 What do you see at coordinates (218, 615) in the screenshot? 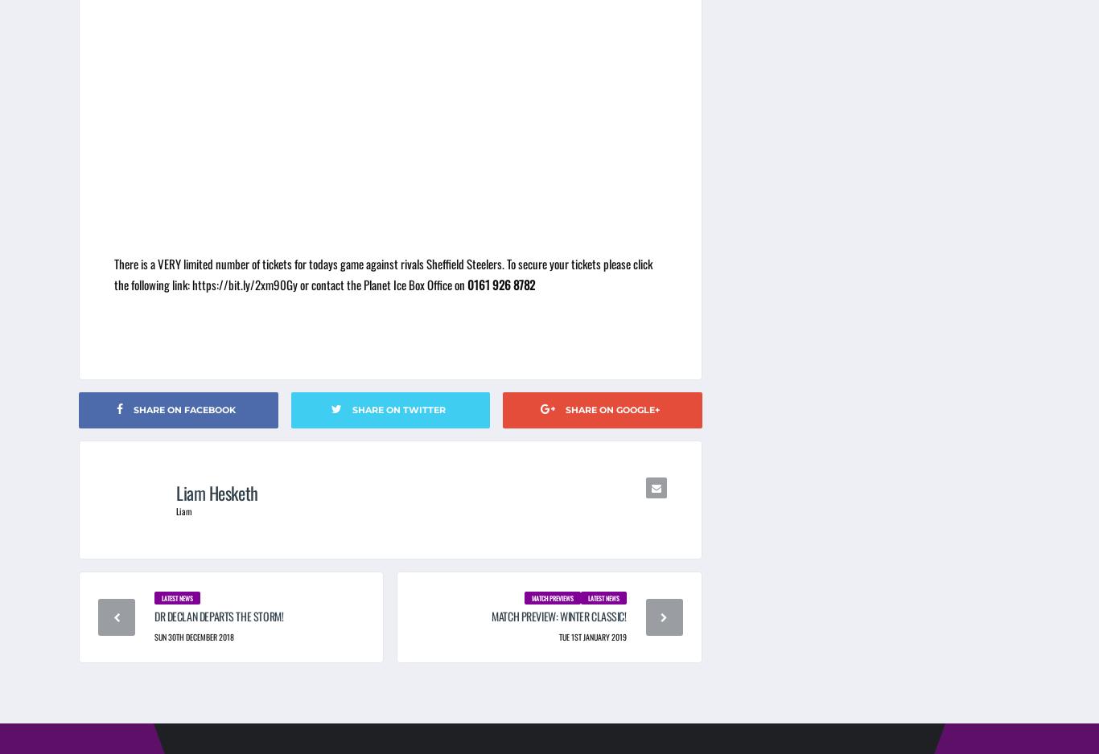
I see `'DR Declan Departs the Storm!'` at bounding box center [218, 615].